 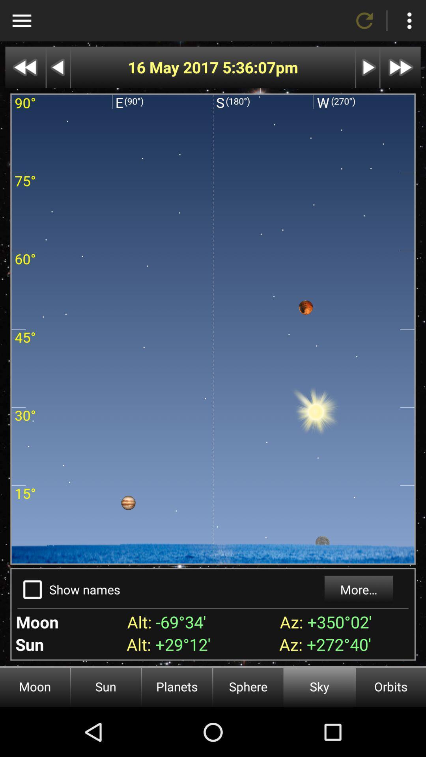 I want to click on the icon to the left of the pm app, so click(x=249, y=67).